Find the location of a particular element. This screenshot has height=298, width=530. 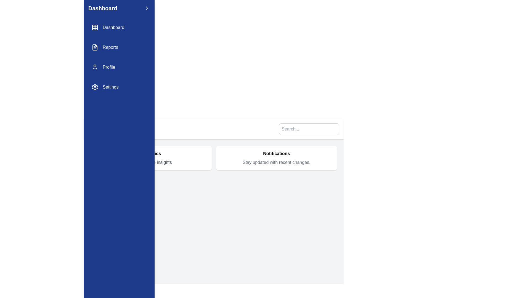

the Icon button located to the far right of the 'Dashboard' title in the top horizontal bar of the navigation menu is located at coordinates (147, 8).